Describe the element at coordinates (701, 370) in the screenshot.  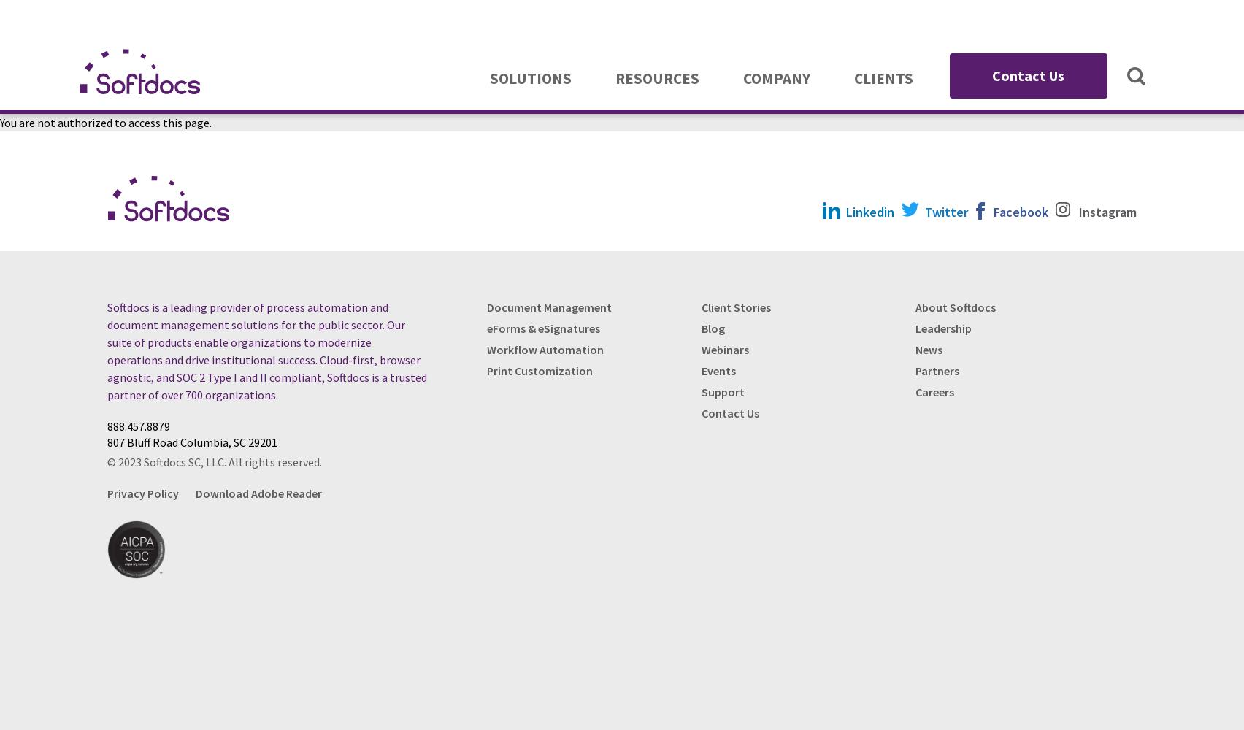
I see `'Events'` at that location.